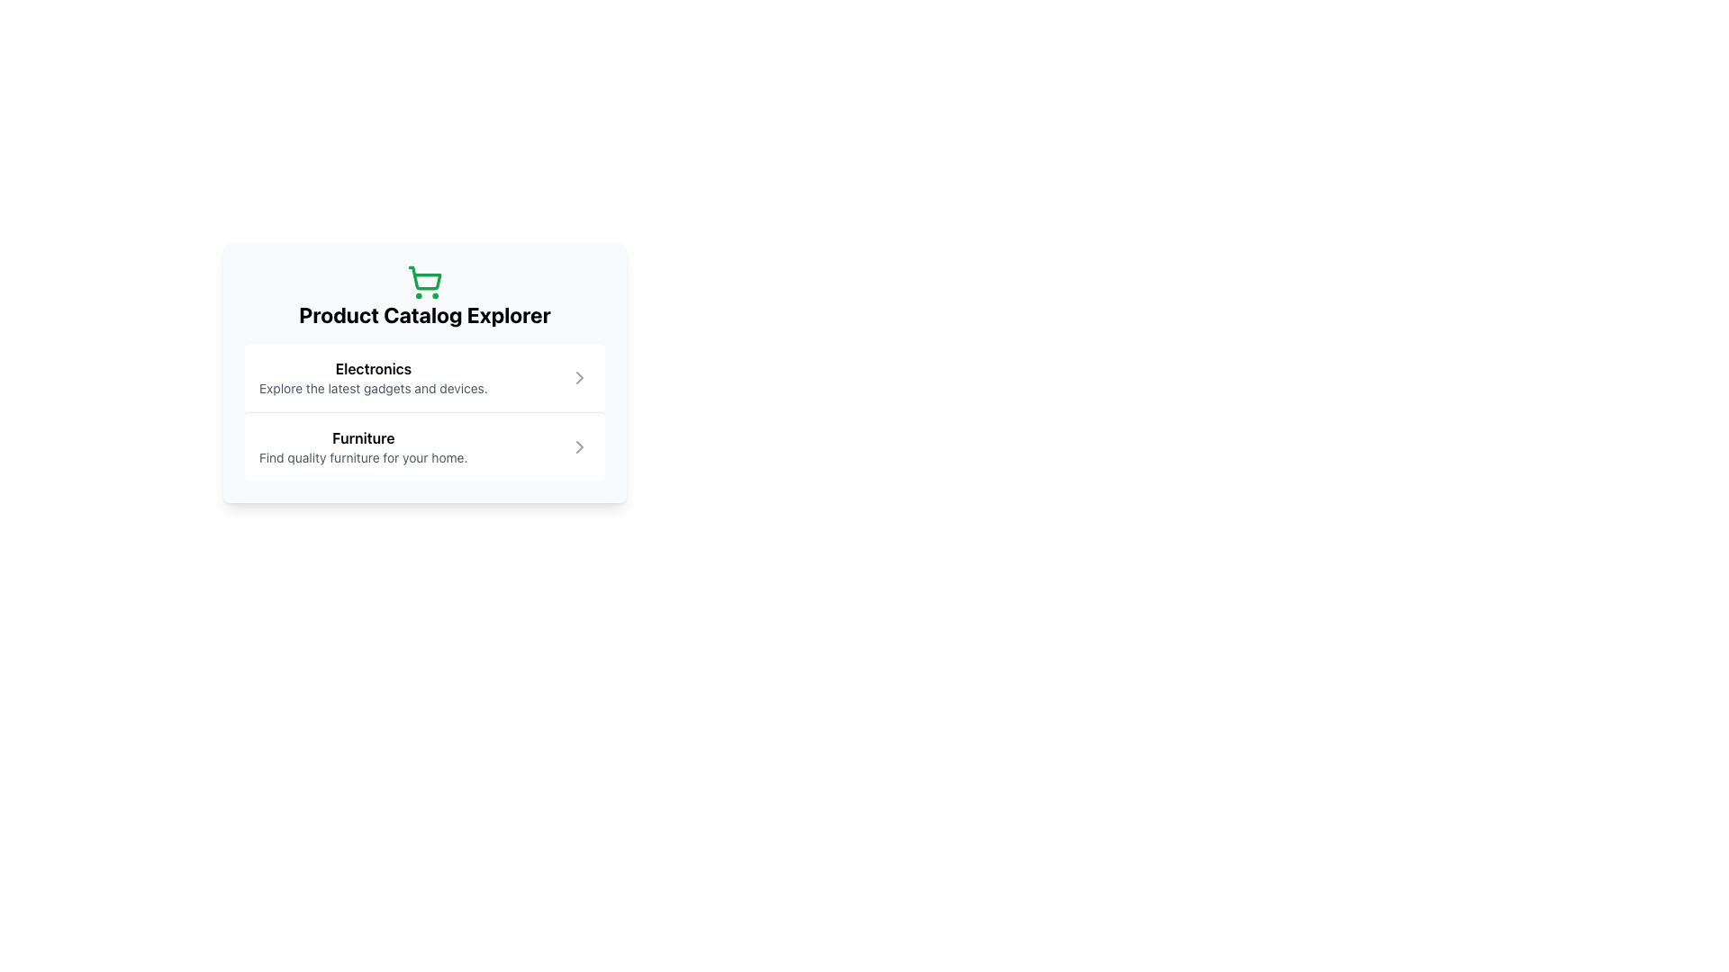 This screenshot has height=972, width=1729. What do you see at coordinates (579, 377) in the screenshot?
I see `the rightward-pointing chevron icon styled in light gray, positioned to the far right of the 'Electronics' section in the upper half of the main panel` at bounding box center [579, 377].